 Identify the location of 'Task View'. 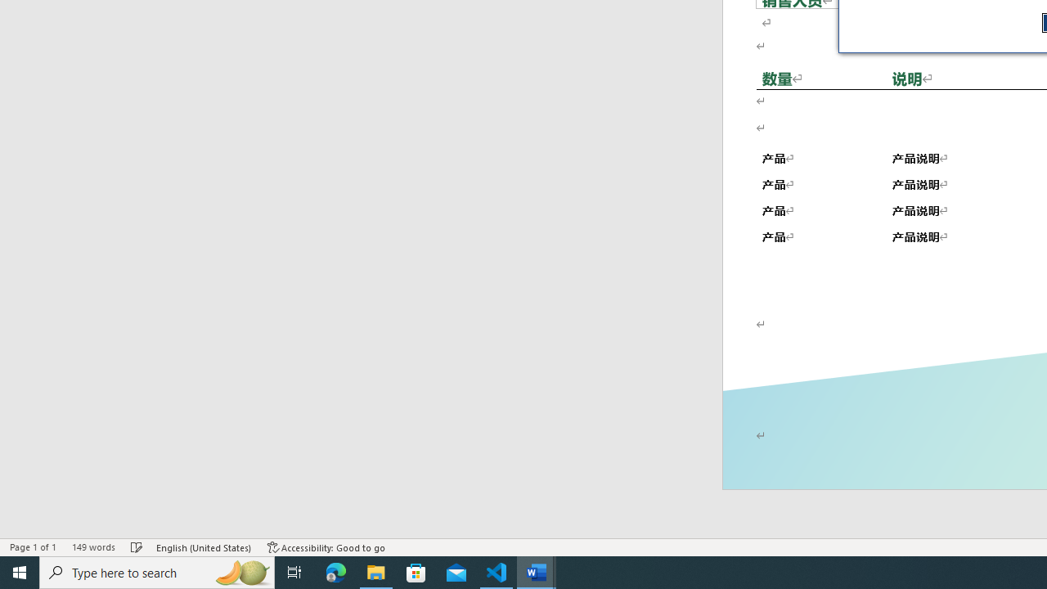
(294, 571).